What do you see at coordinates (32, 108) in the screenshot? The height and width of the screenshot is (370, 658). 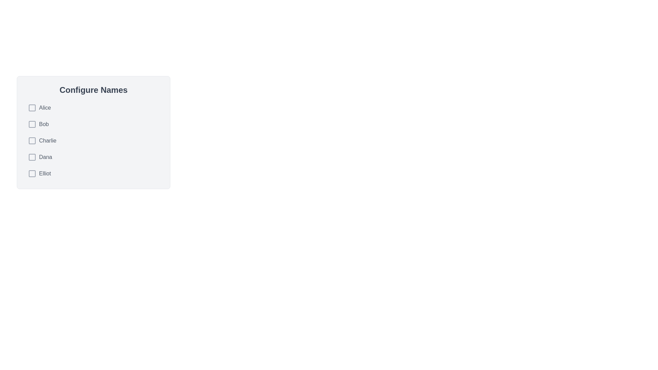 I see `the checkbox next to the text 'Alice'` at bounding box center [32, 108].